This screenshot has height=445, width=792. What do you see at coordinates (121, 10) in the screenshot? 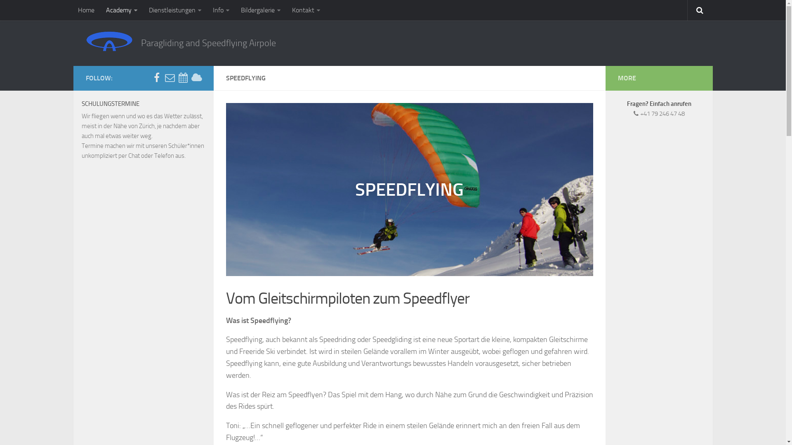
I see `'Academy'` at bounding box center [121, 10].